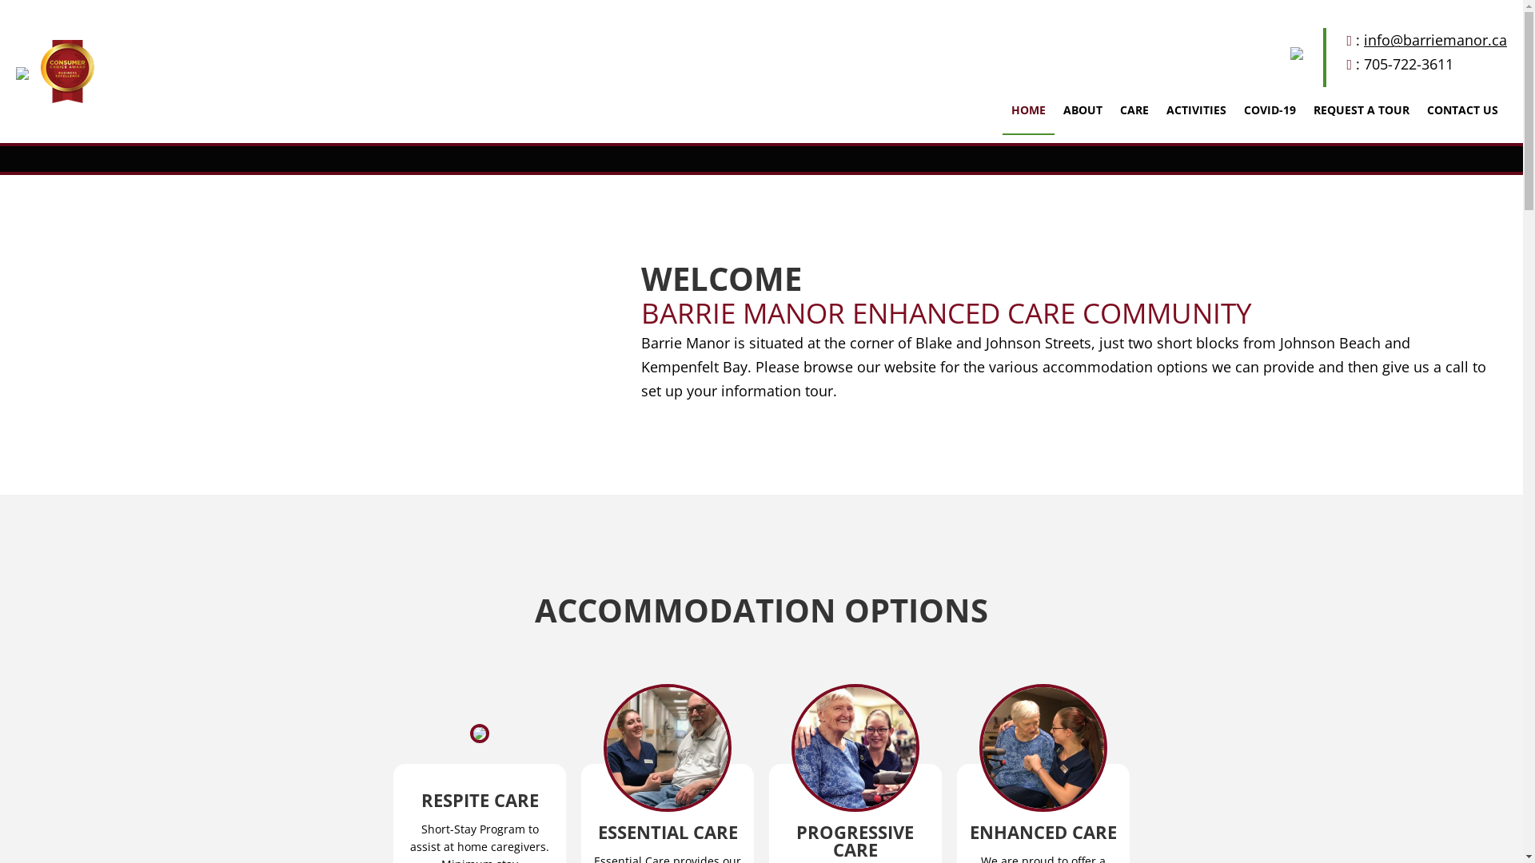 The height and width of the screenshot is (863, 1535). Describe the element at coordinates (1435, 39) in the screenshot. I see `'info@barriemanor.ca'` at that location.